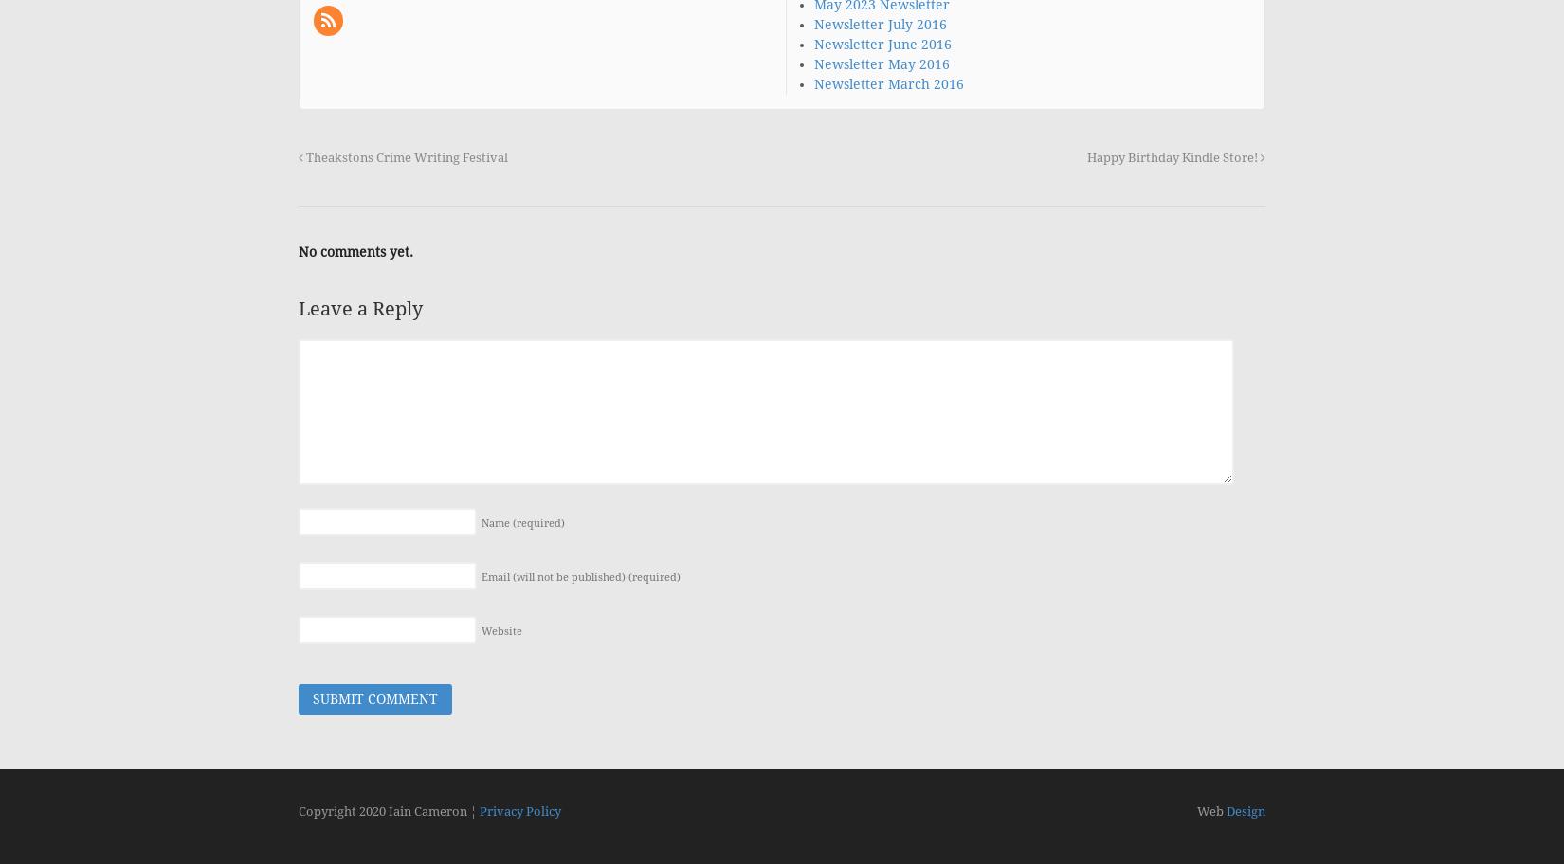 This screenshot has height=864, width=1564. Describe the element at coordinates (1196, 810) in the screenshot. I see `'Web'` at that location.